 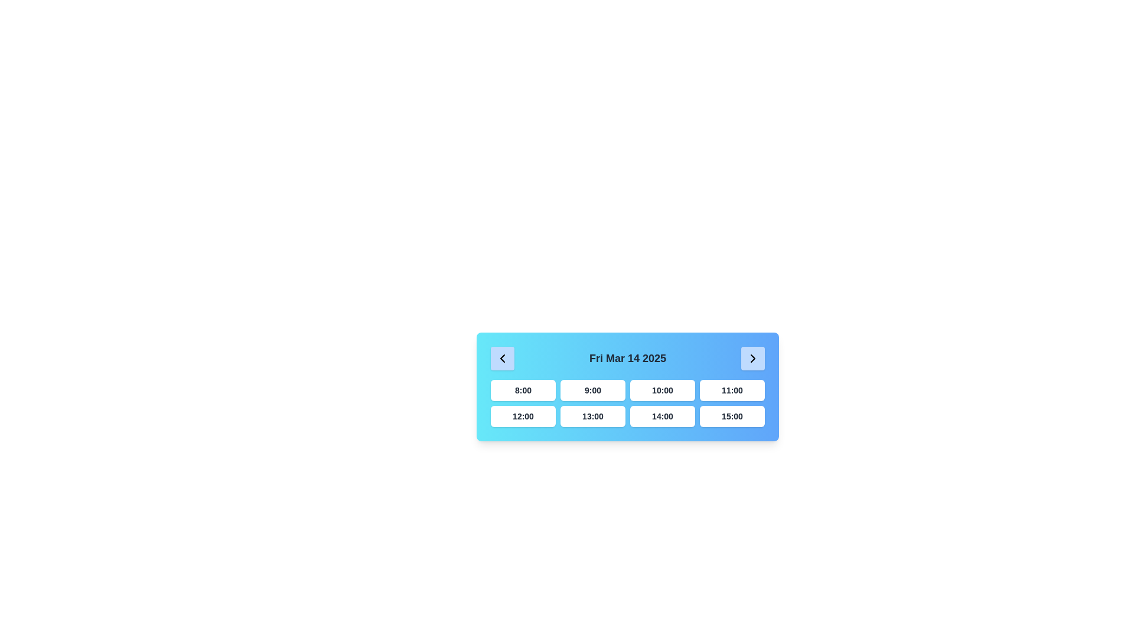 I want to click on the 'previous' button located to the left of the date label 'Fri Mar 14 2025', so click(x=502, y=357).